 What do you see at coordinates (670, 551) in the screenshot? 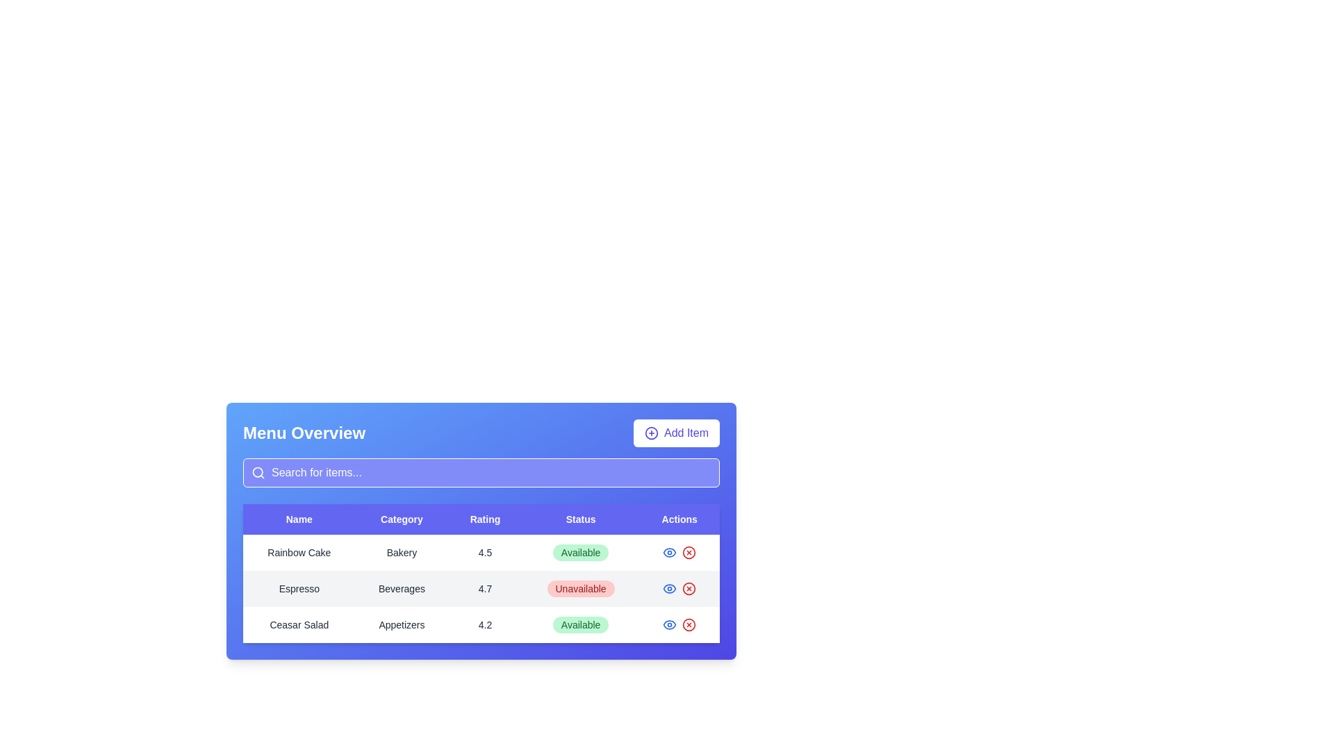
I see `the open eye icon button in the 'Actions' column of the second row` at bounding box center [670, 551].